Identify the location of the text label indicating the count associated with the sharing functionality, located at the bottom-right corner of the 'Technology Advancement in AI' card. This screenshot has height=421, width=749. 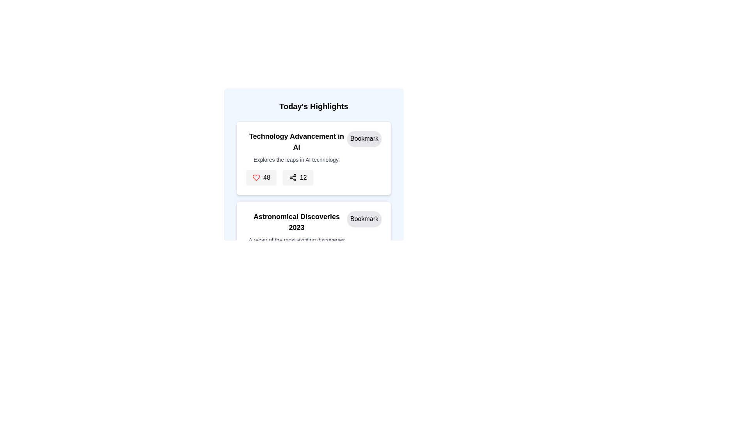
(303, 177).